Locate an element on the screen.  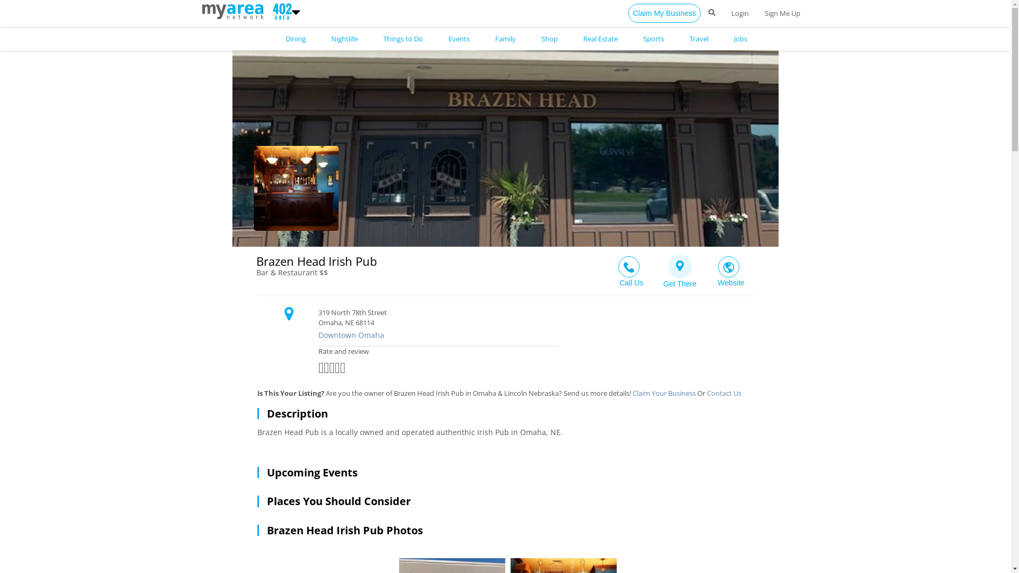
'Login' is located at coordinates (722, 13).